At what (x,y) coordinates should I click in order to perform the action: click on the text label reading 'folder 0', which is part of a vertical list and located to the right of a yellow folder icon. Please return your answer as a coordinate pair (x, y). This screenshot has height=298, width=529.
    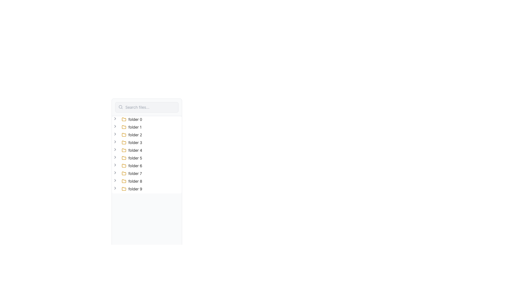
    Looking at the image, I should click on (135, 119).